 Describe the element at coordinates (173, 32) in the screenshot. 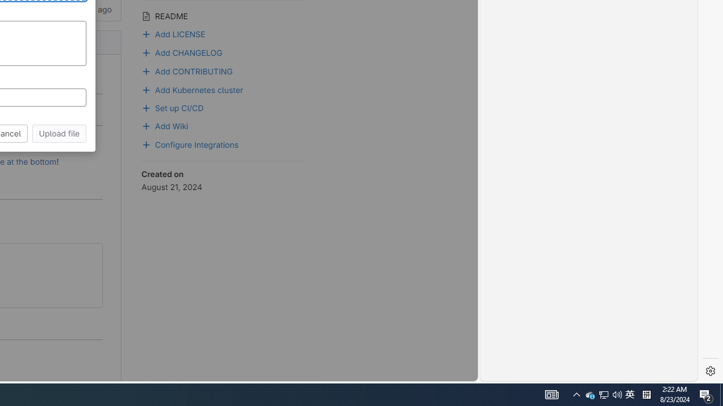

I see `'Add LICENSE'` at that location.